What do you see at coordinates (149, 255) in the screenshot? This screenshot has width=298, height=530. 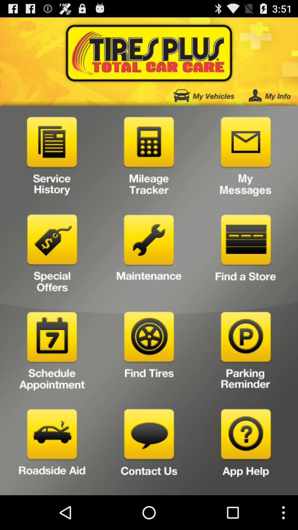 I see `to see a vehicle maintenance` at bounding box center [149, 255].